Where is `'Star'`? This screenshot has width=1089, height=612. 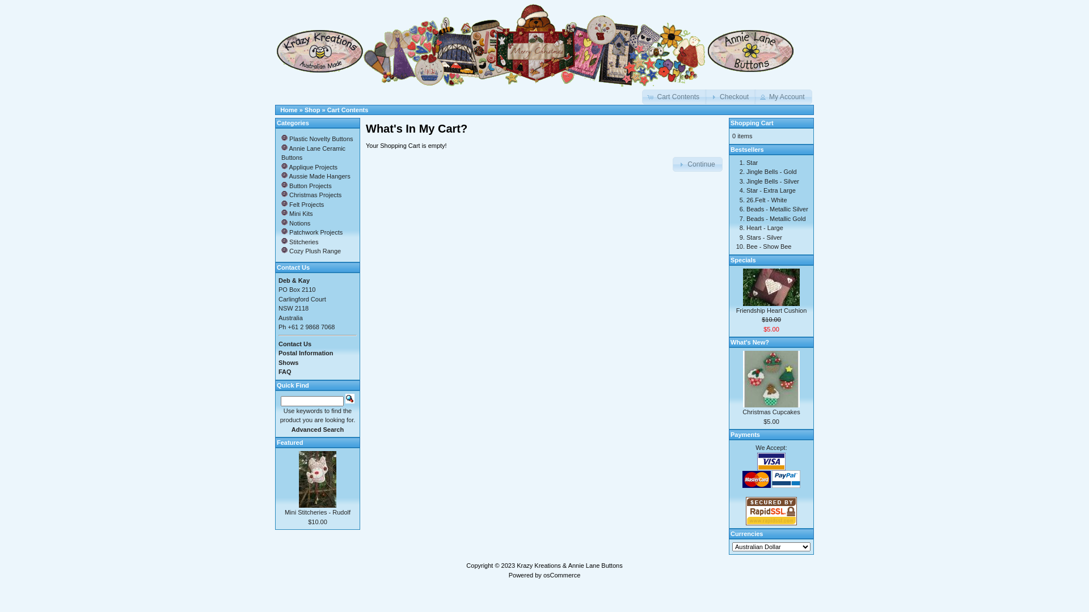 'Star' is located at coordinates (752, 161).